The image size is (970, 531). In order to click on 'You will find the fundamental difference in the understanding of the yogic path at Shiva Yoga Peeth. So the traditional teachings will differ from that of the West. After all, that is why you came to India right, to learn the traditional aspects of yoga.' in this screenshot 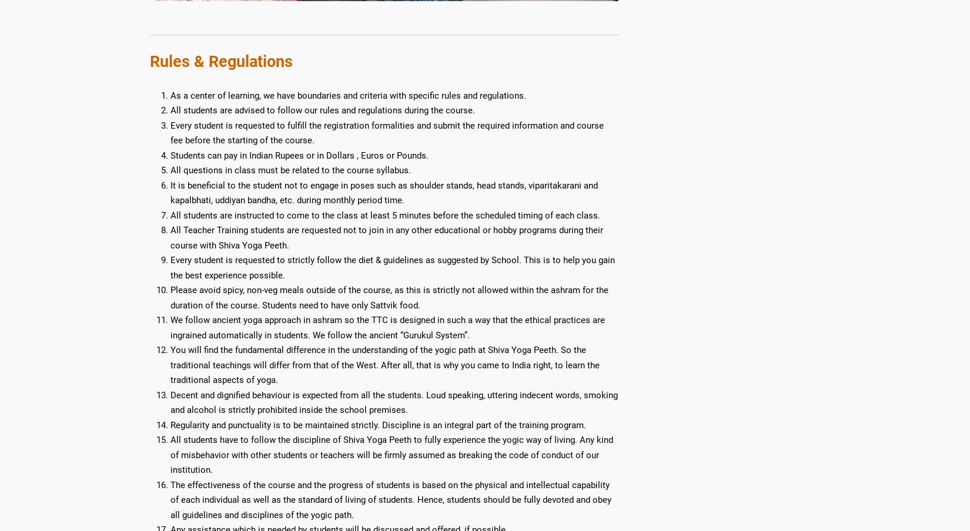, I will do `click(384, 364)`.